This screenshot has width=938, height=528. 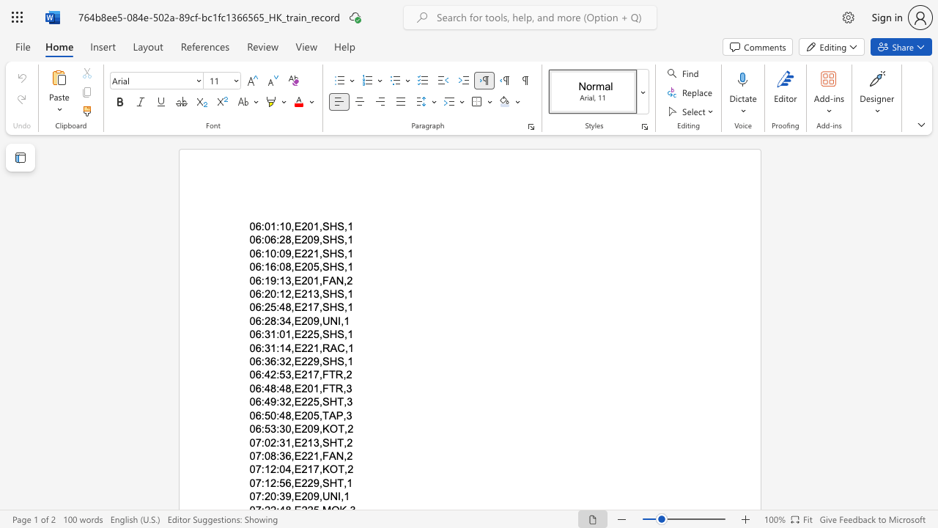 I want to click on the subset text ",FTR," within the text "06:42:53,E217,FTR,2", so click(x=318, y=374).